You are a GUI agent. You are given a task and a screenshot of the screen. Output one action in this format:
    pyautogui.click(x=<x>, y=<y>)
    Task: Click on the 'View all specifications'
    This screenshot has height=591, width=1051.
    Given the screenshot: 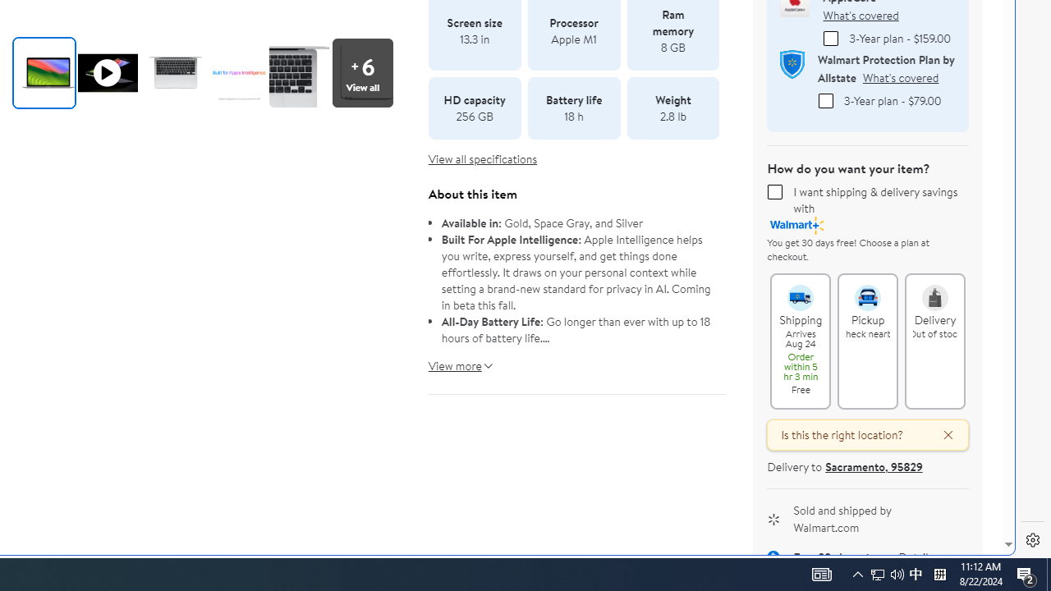 What is the action you would take?
    pyautogui.click(x=482, y=159)
    